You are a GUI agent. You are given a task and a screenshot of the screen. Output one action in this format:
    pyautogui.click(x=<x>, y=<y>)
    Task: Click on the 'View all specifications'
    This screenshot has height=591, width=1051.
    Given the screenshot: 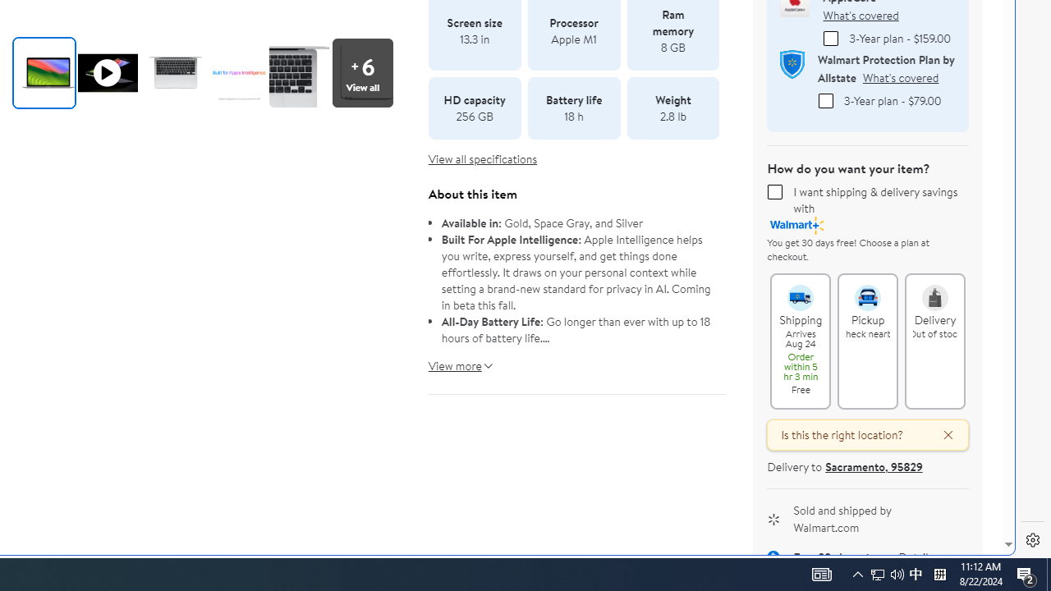 What is the action you would take?
    pyautogui.click(x=482, y=159)
    